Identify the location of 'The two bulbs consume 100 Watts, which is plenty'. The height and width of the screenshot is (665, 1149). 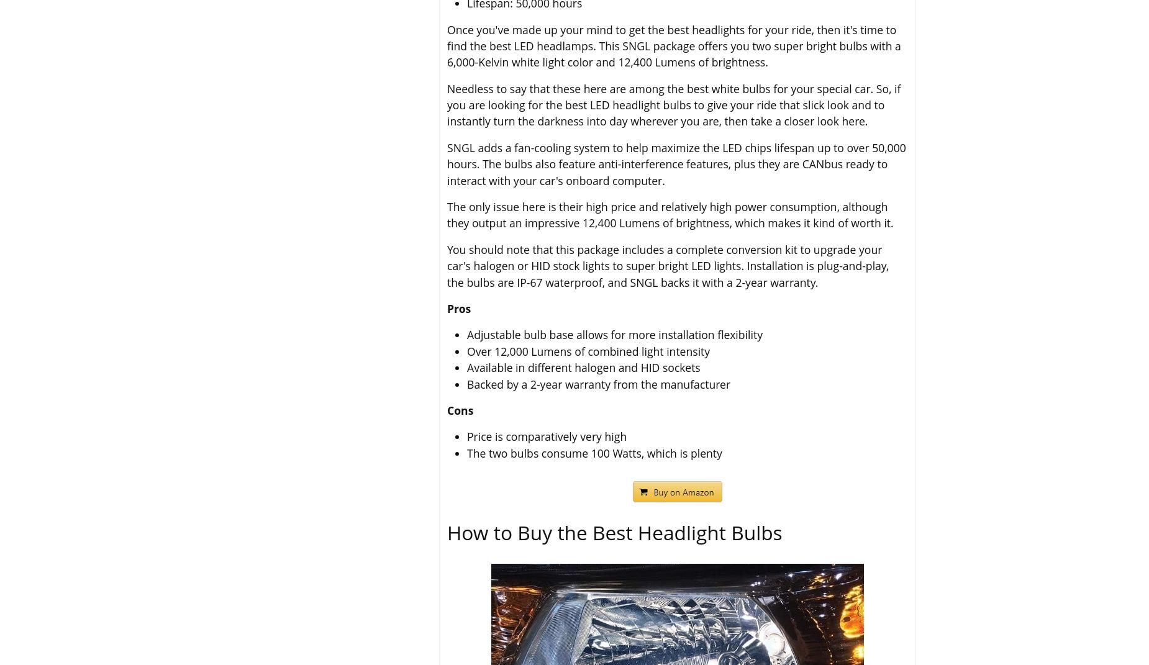
(594, 453).